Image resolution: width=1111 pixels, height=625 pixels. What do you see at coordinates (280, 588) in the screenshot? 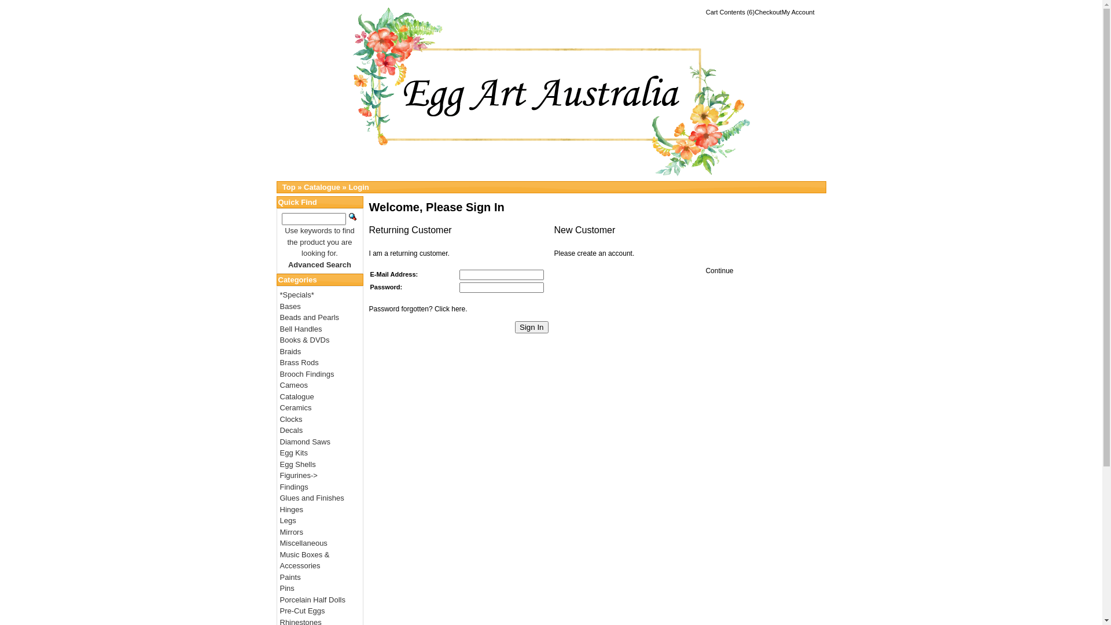
I see `'Pins'` at bounding box center [280, 588].